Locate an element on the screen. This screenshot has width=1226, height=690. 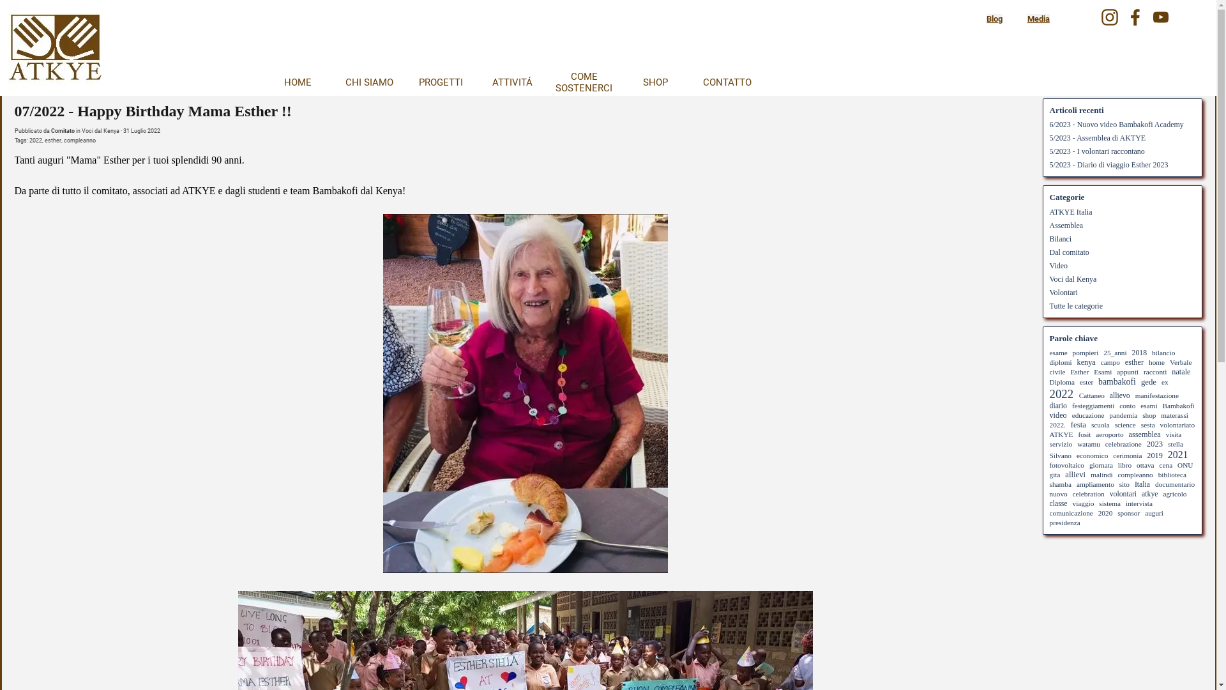
'cerimonia' is located at coordinates (1127, 455).